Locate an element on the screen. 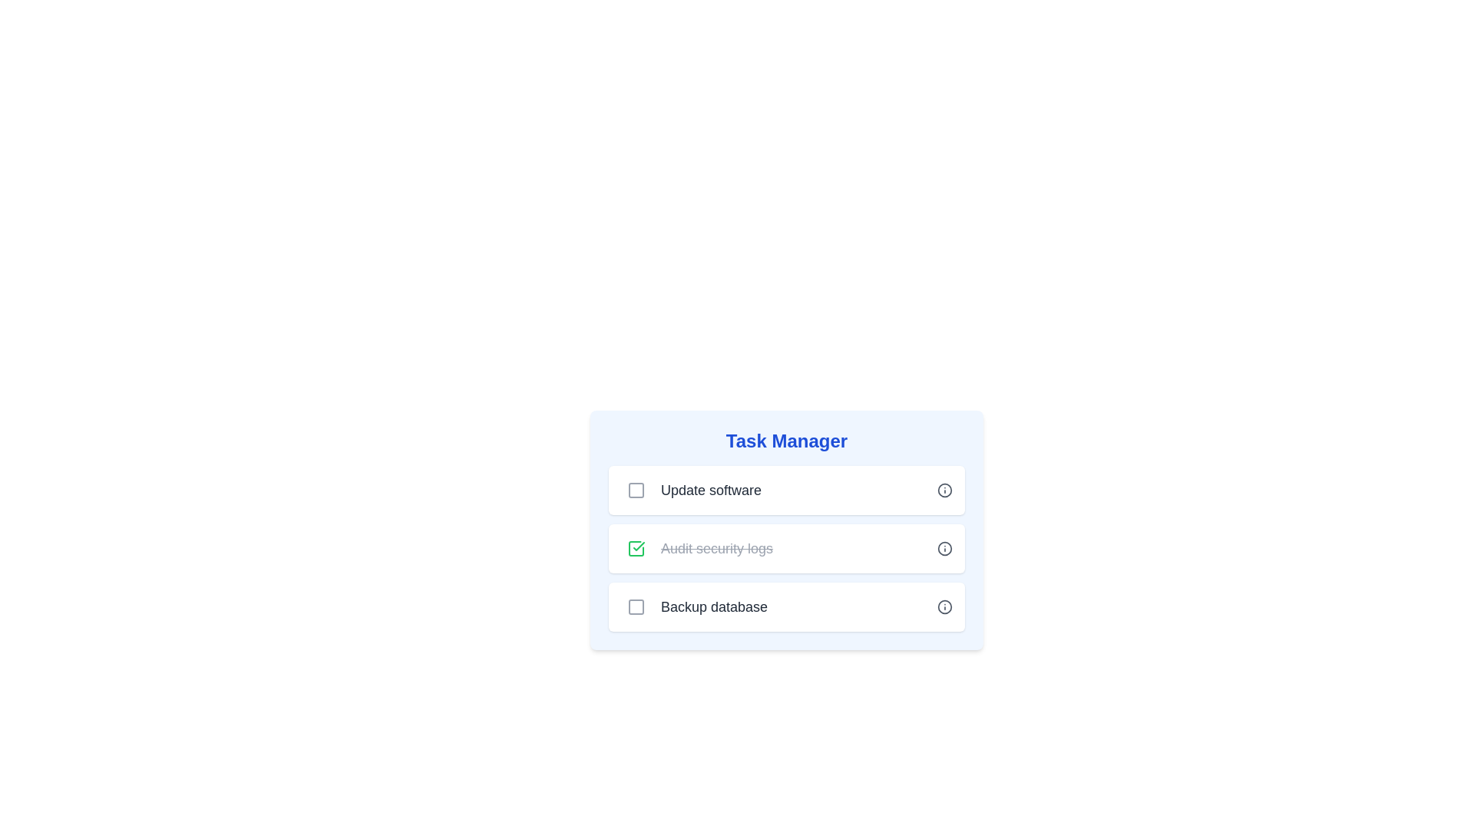  the checkbox of the 'Backup database' task in the 'Task Manager' list is located at coordinates (787, 606).